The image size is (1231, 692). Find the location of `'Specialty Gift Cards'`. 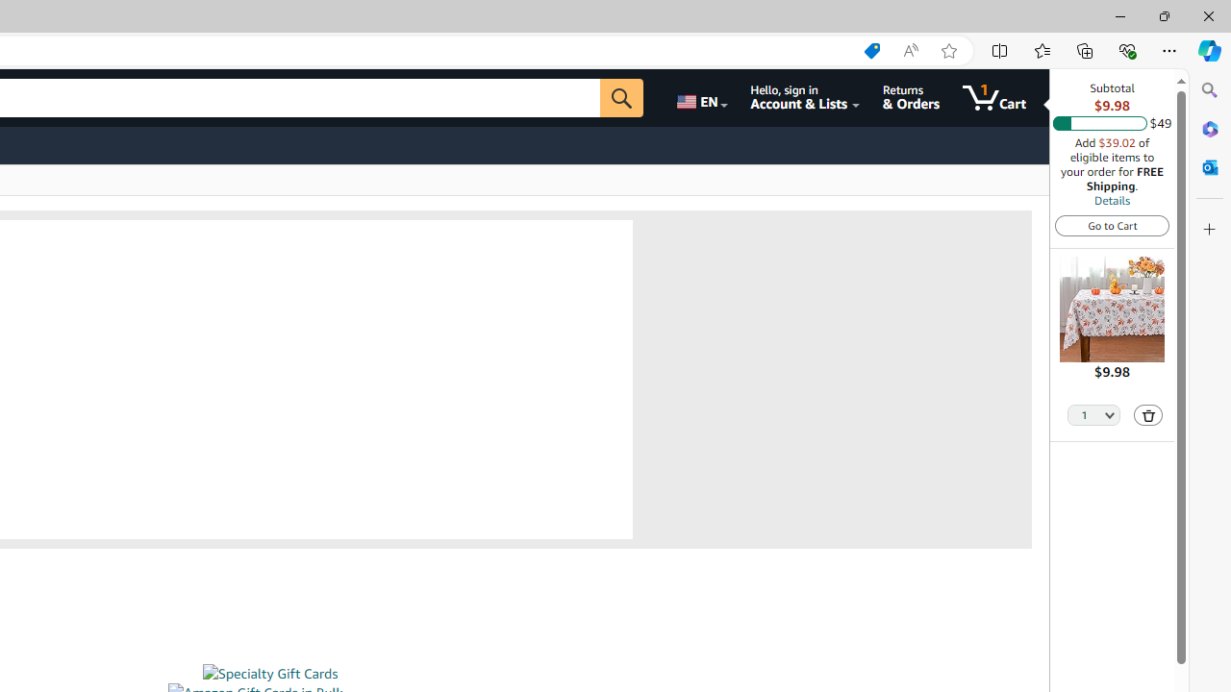

'Specialty Gift Cards' is located at coordinates (268, 673).